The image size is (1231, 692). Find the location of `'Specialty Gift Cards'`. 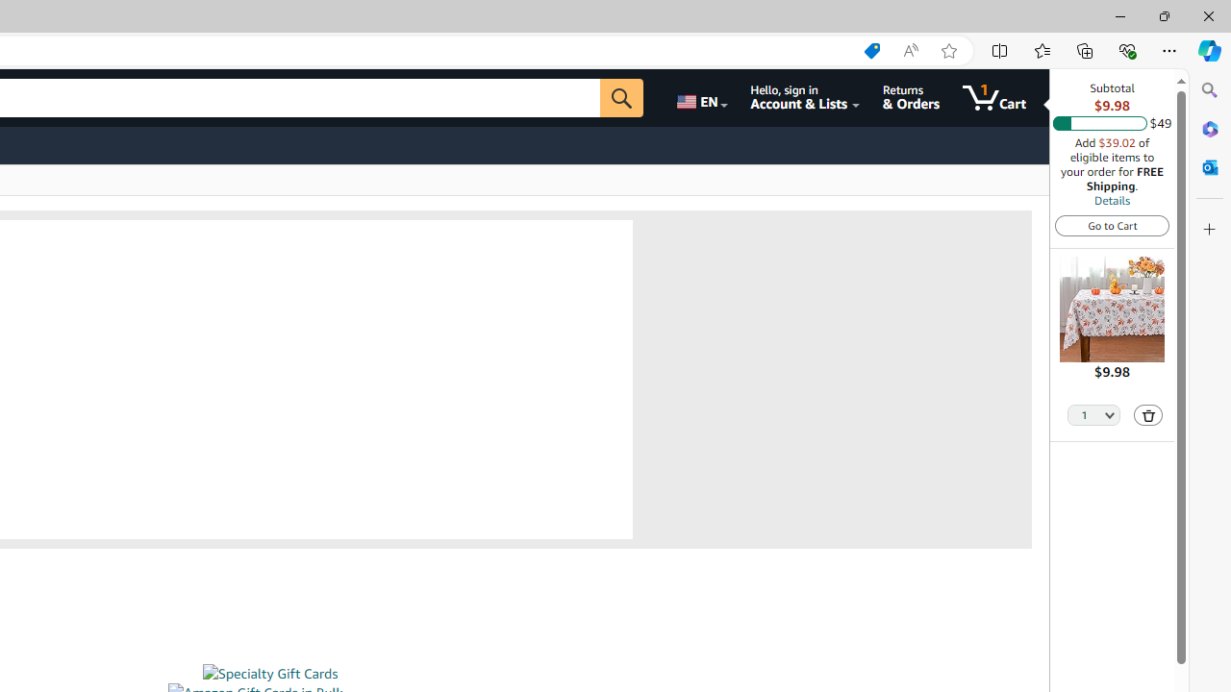

'Specialty Gift Cards' is located at coordinates (268, 673).